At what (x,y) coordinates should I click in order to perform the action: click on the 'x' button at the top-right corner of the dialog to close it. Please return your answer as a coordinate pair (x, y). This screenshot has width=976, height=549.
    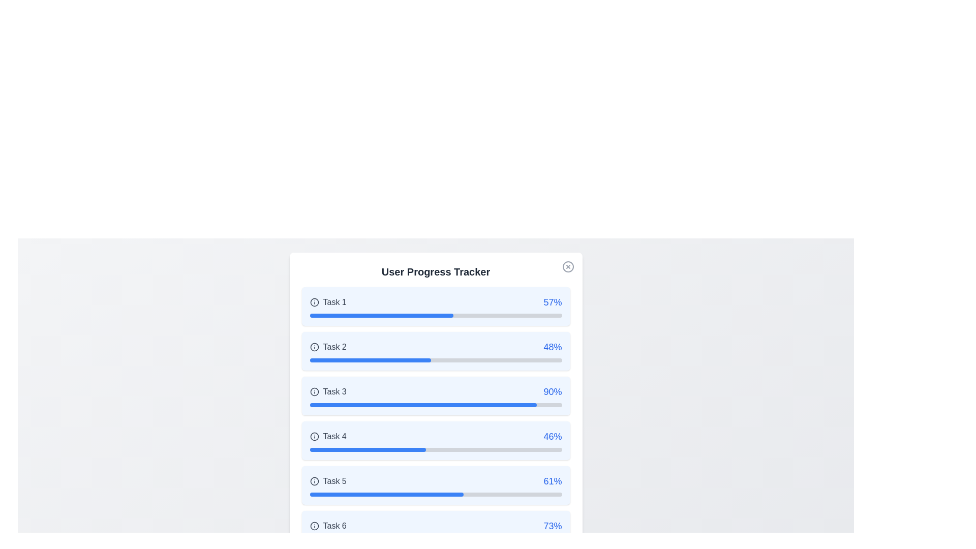
    Looking at the image, I should click on (567, 266).